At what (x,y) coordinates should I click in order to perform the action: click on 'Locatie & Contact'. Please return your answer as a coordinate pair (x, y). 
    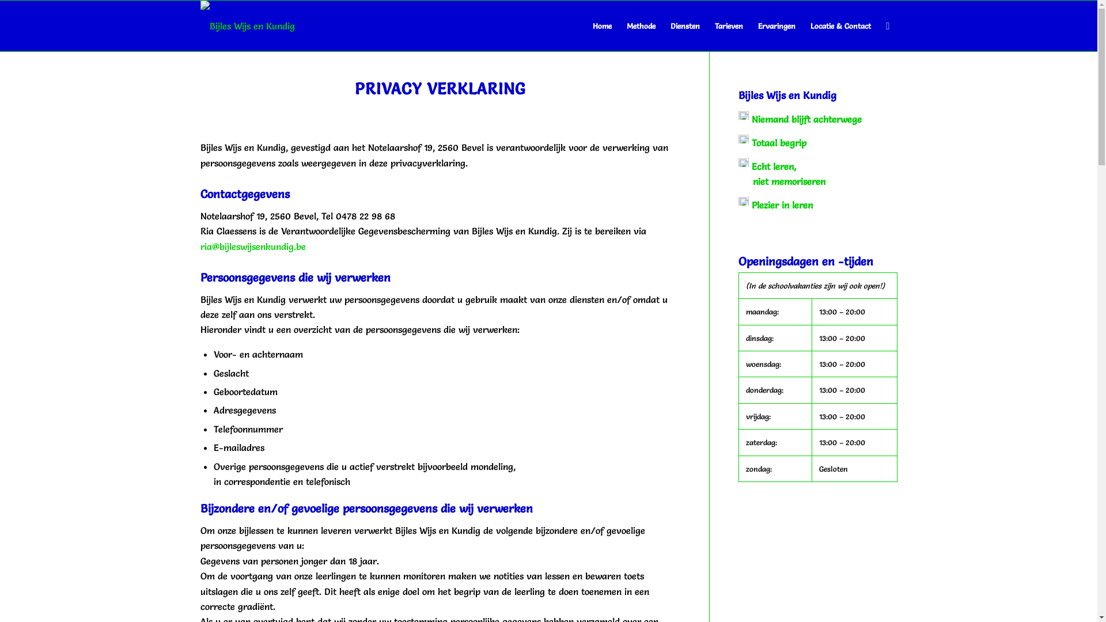
    Looking at the image, I should click on (840, 26).